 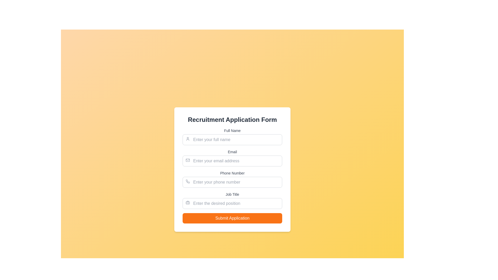 What do you see at coordinates (188, 181) in the screenshot?
I see `the phone number input field icon, which is positioned on the left side of the input box labeled 'Phone Number'` at bounding box center [188, 181].